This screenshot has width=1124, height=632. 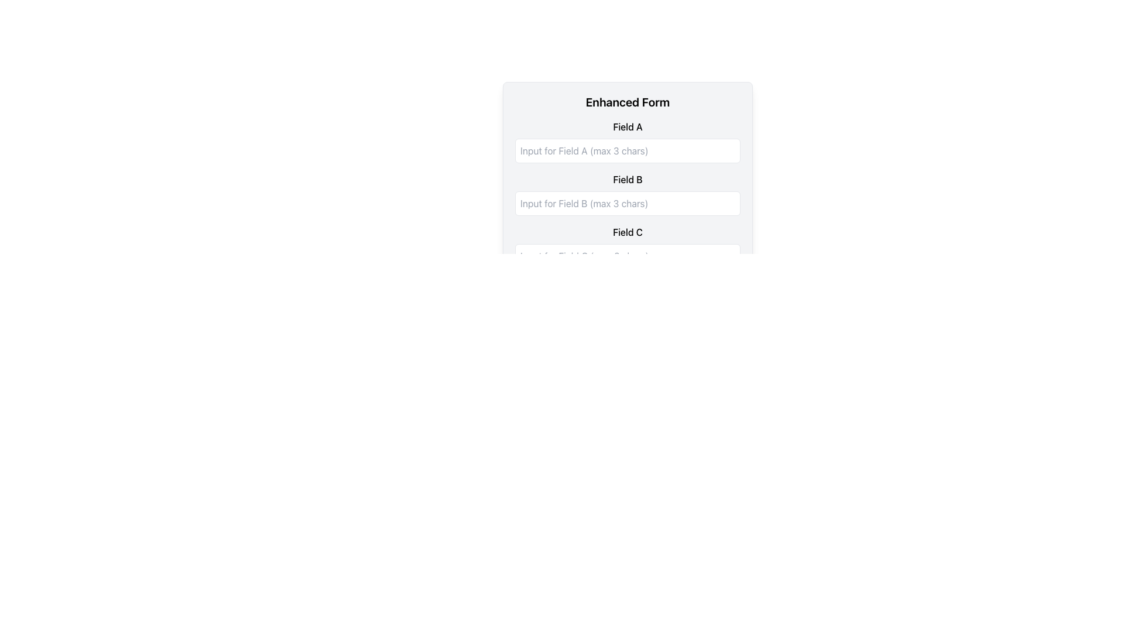 I want to click on the text input field for 'Field A' to focus on it, so click(x=627, y=160).